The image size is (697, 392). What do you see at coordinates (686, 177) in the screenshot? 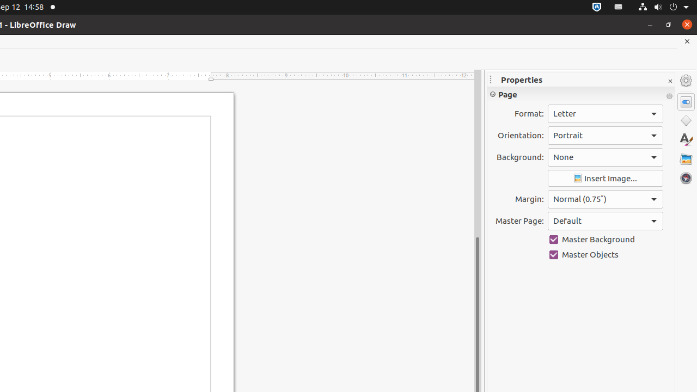
I see `'Navigator'` at bounding box center [686, 177].